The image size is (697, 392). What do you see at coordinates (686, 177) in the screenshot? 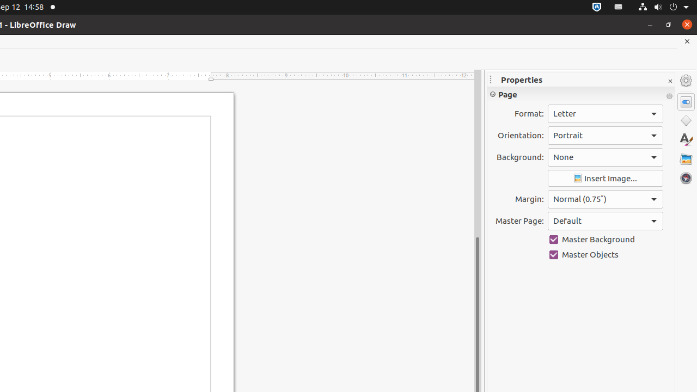
I see `'Navigator'` at bounding box center [686, 177].